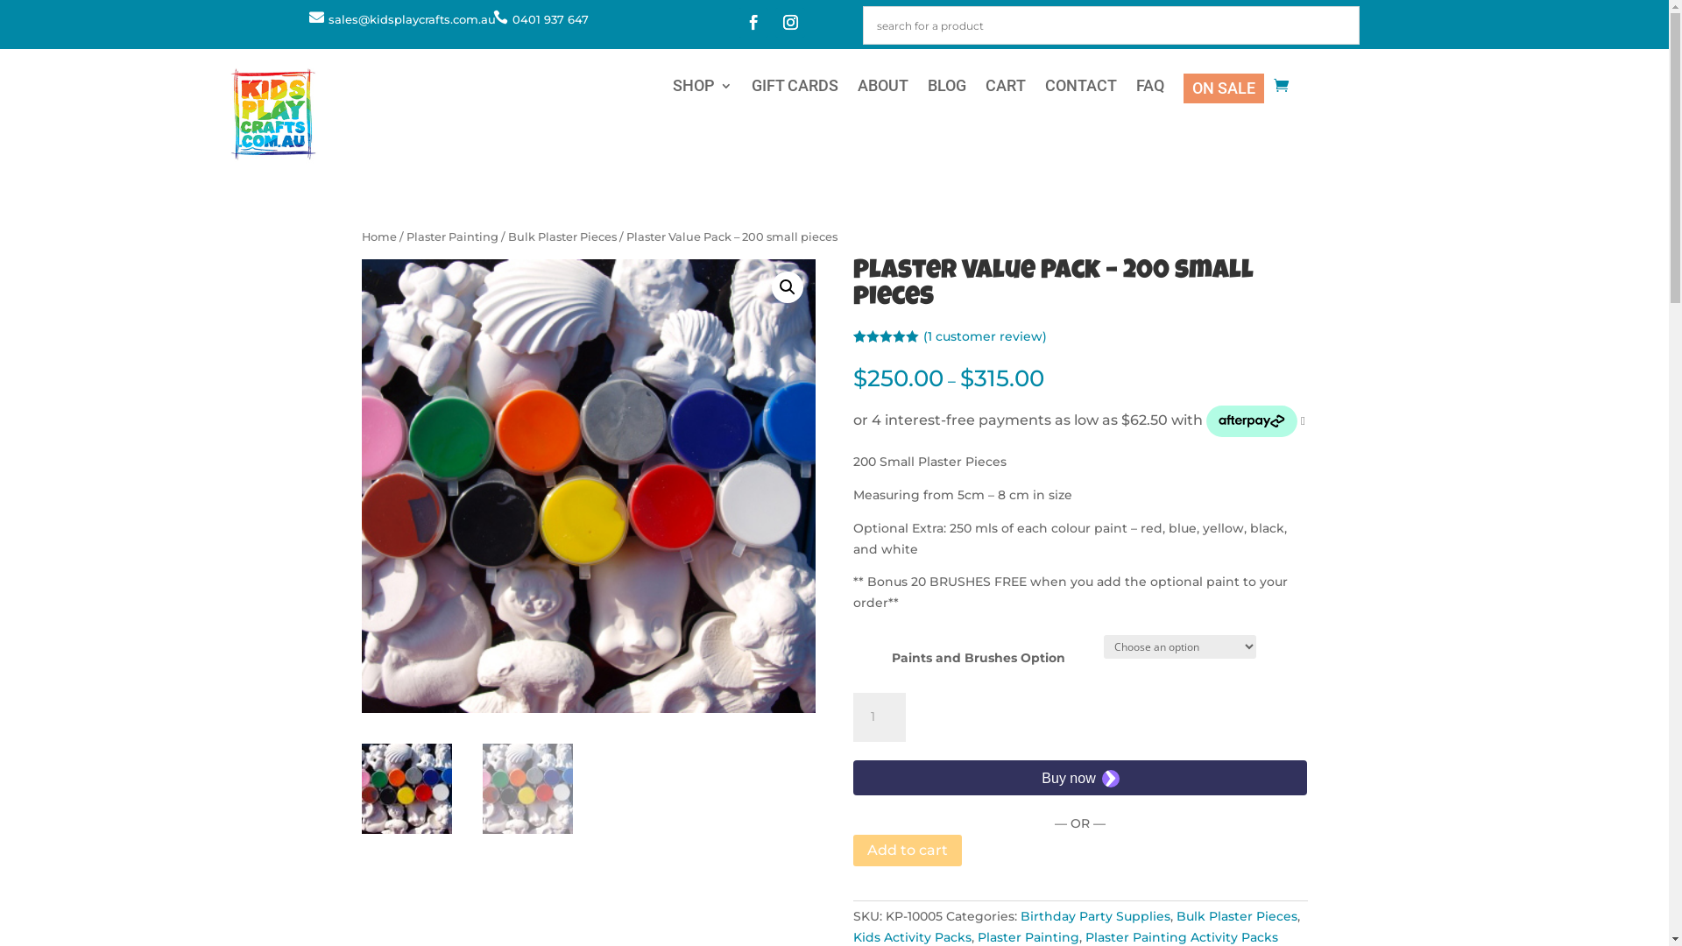 This screenshot has height=946, width=1682. I want to click on 'Add to cart', so click(908, 850).